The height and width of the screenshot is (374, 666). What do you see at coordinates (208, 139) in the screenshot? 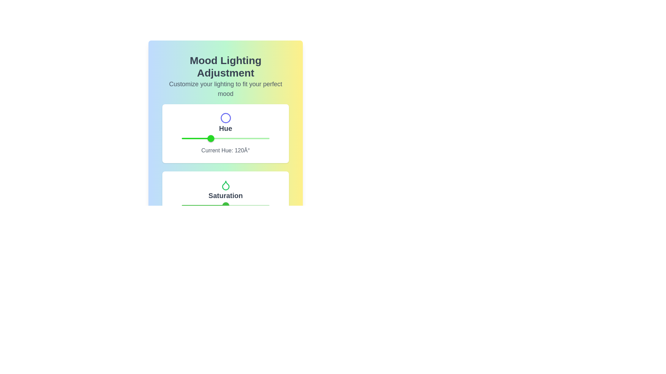
I see `hue` at bounding box center [208, 139].